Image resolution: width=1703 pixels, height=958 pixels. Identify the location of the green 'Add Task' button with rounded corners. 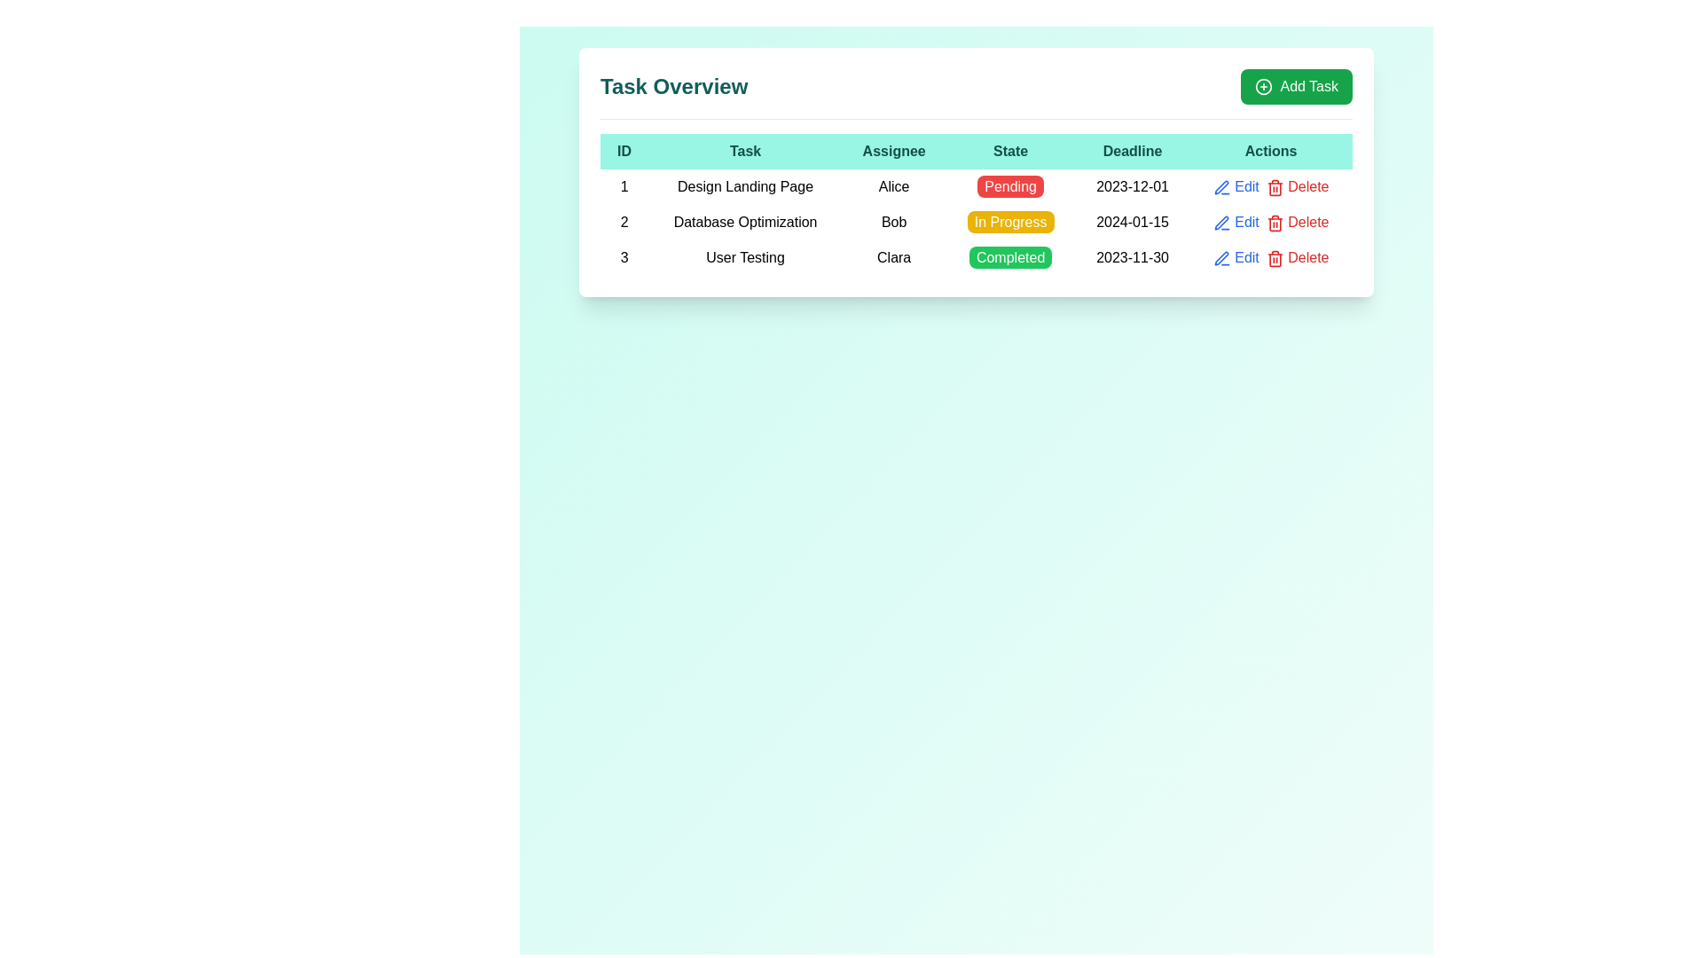
(1297, 86).